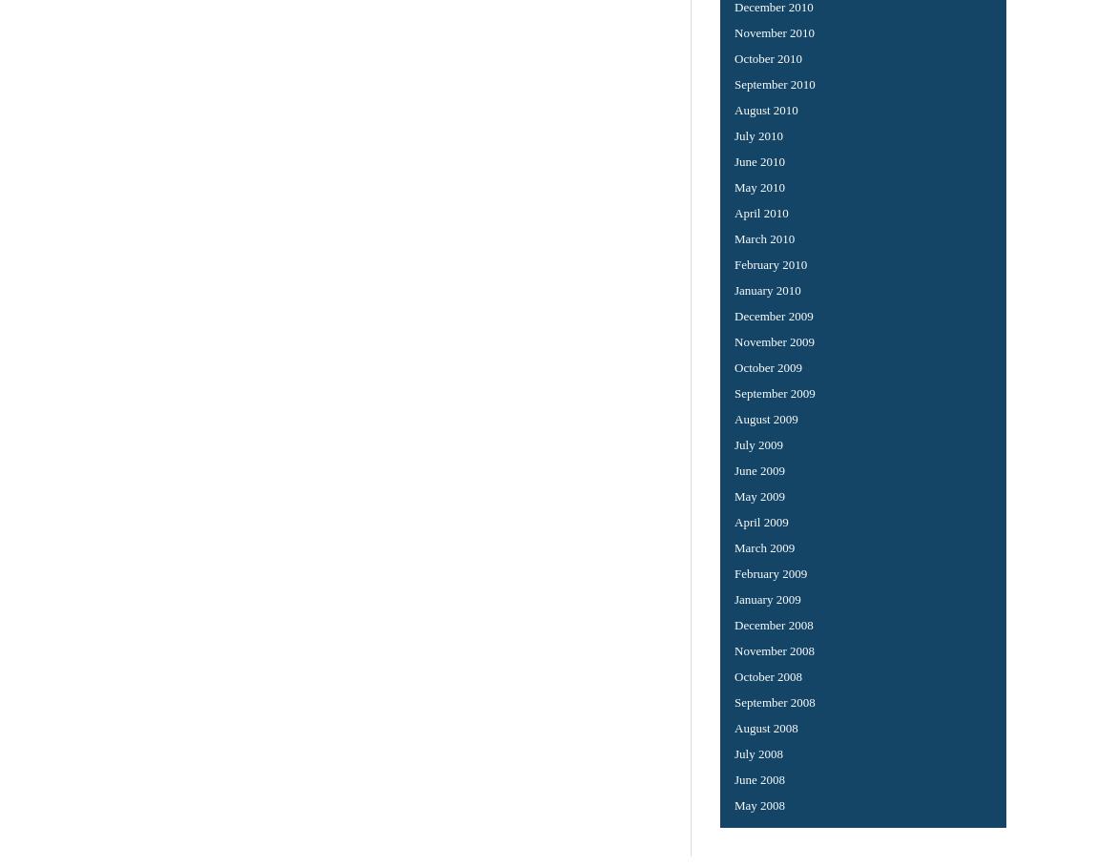 The height and width of the screenshot is (866, 1097). What do you see at coordinates (758, 468) in the screenshot?
I see `'June 2009'` at bounding box center [758, 468].